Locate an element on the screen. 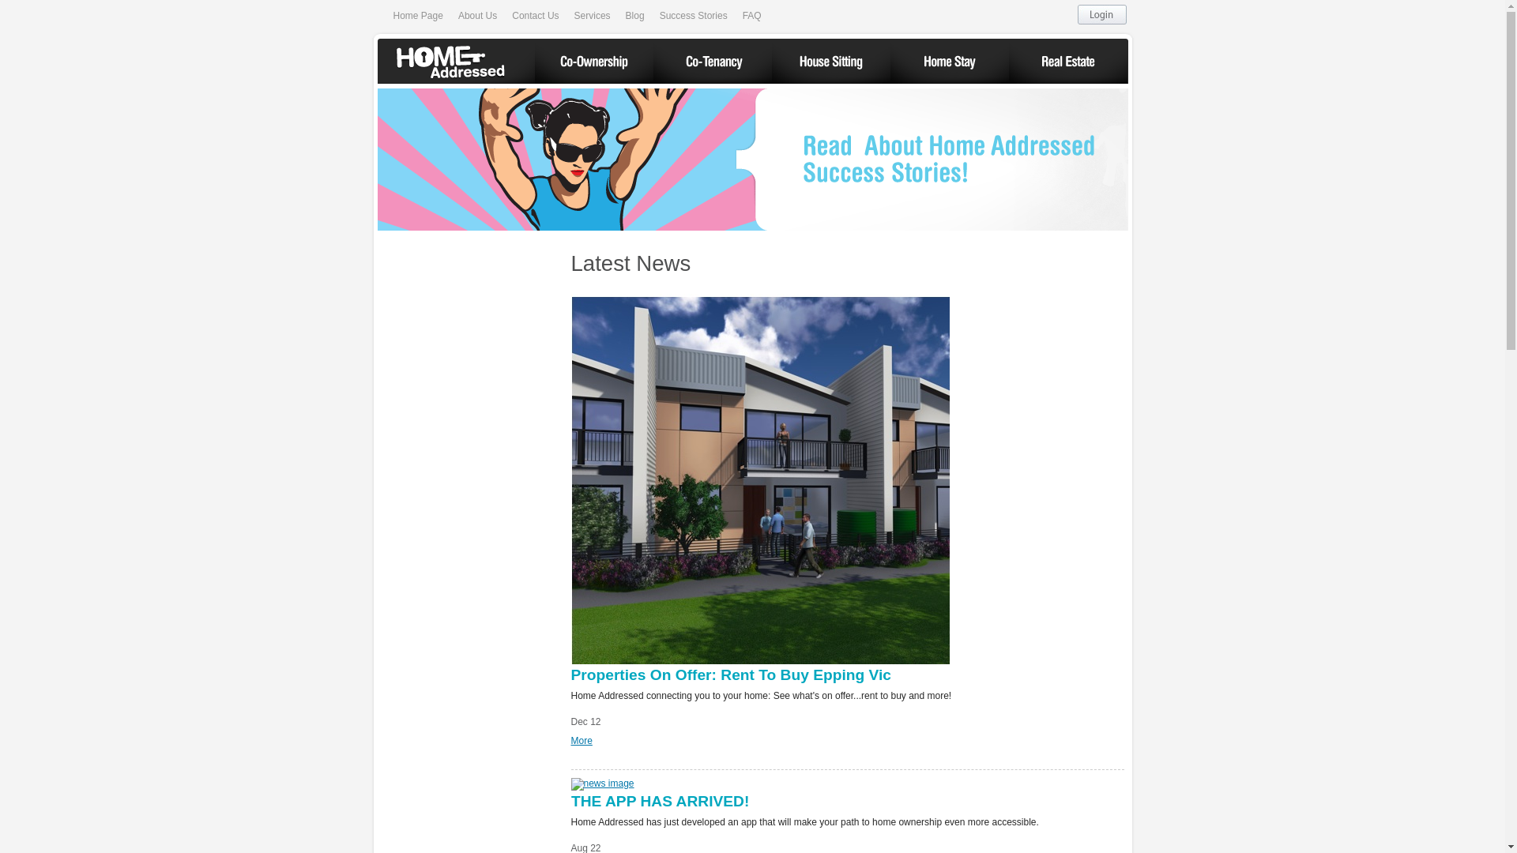  'Contact Us' is located at coordinates (535, 15).